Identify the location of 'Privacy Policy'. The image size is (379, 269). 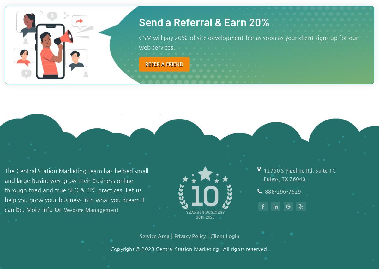
(189, 236).